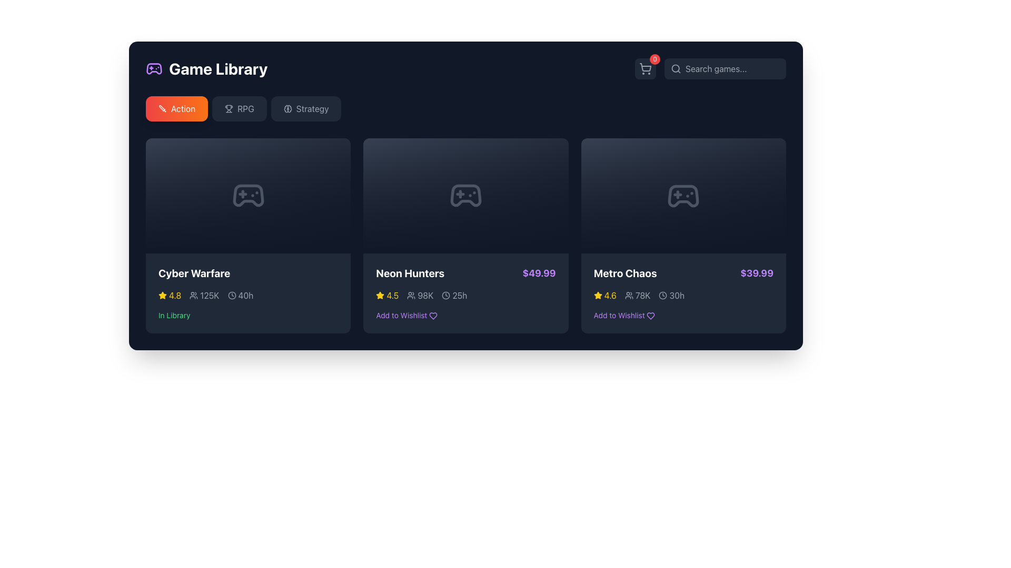  Describe the element at coordinates (231, 296) in the screenshot. I see `the clock icon representing the duration of '40h' for the game 'Cyber Warfare' located to the left of the text` at that location.